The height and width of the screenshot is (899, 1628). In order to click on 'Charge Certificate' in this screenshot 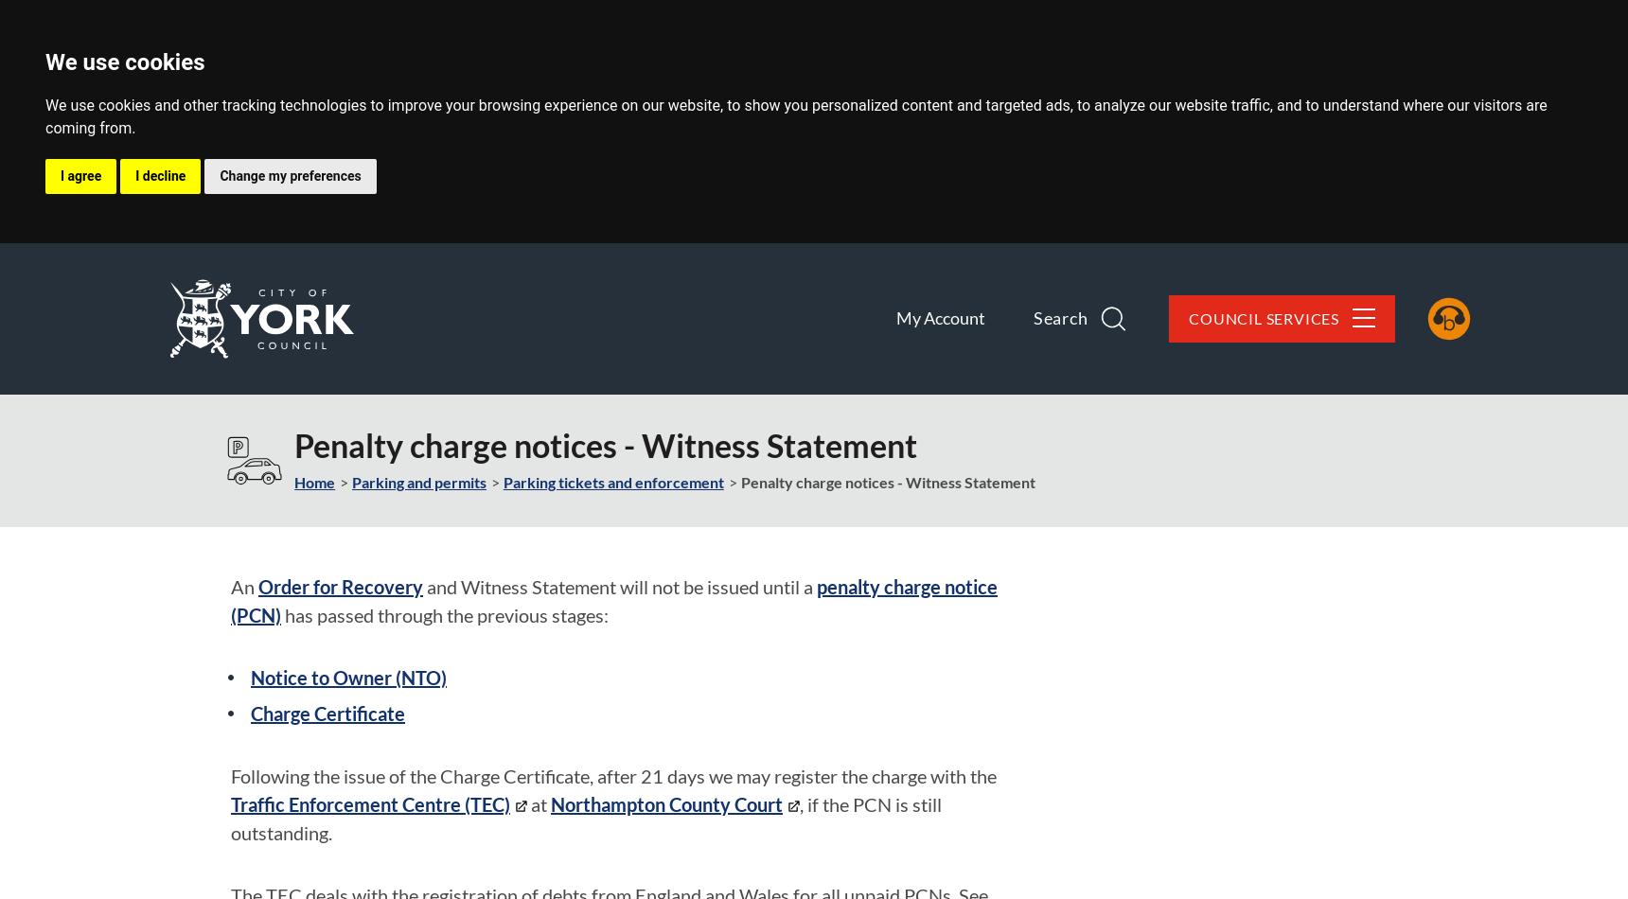, I will do `click(251, 711)`.